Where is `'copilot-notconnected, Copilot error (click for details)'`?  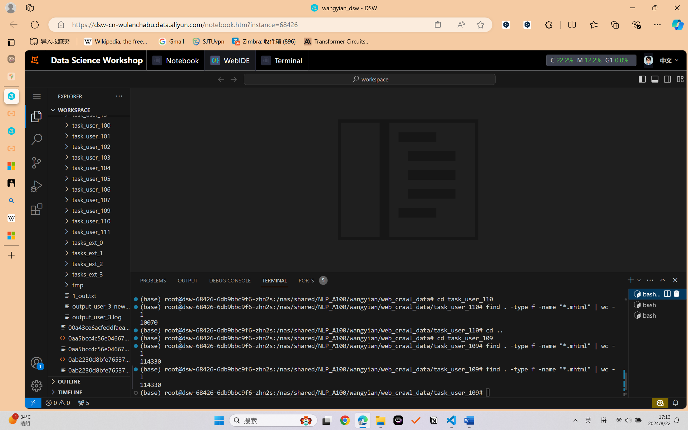 'copilot-notconnected, Copilot error (click for details)' is located at coordinates (660, 402).